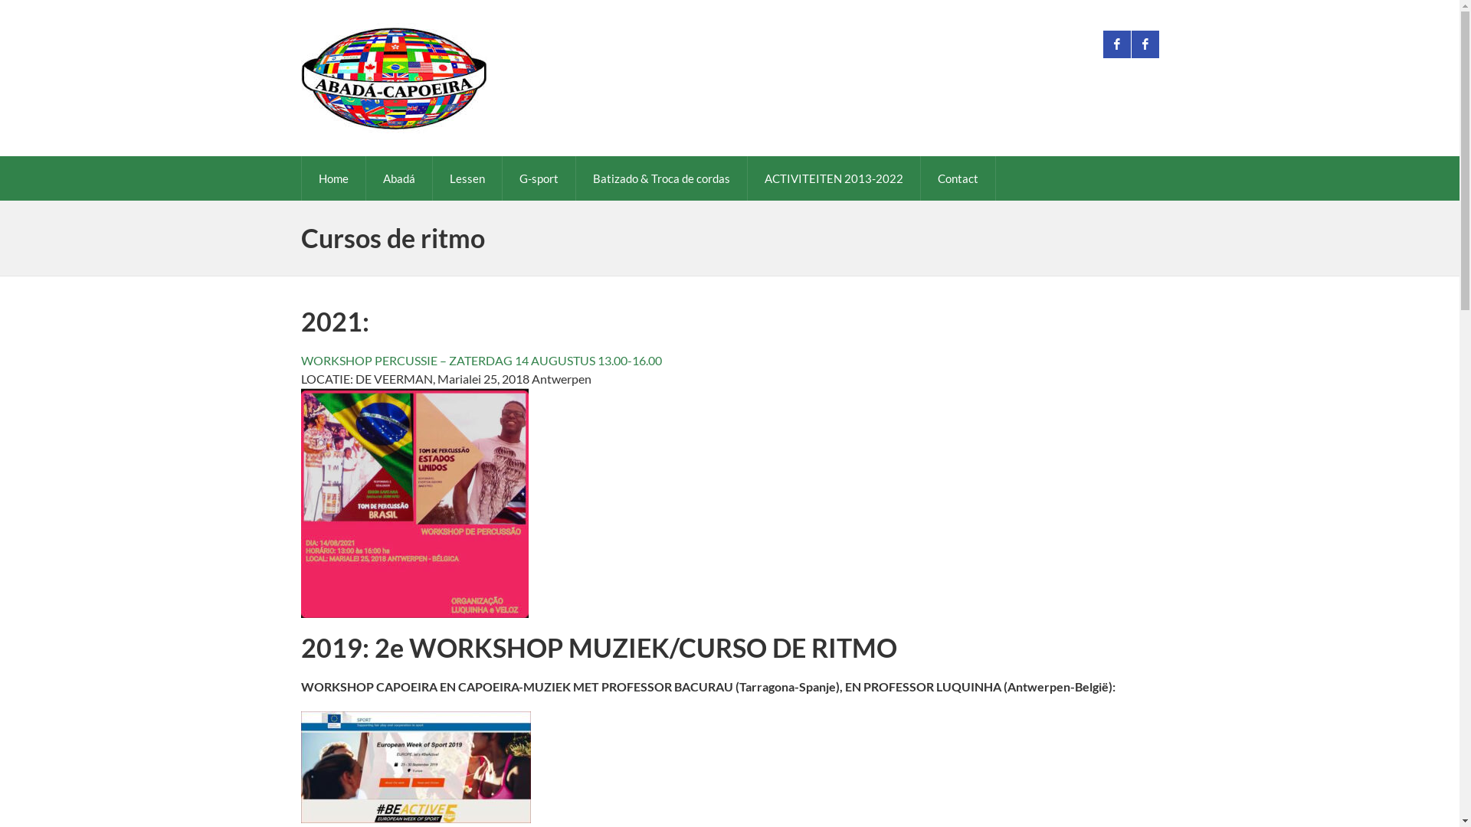 Image resolution: width=1471 pixels, height=827 pixels. What do you see at coordinates (833, 177) in the screenshot?
I see `'ACTIVITEITEN 2013-2022'` at bounding box center [833, 177].